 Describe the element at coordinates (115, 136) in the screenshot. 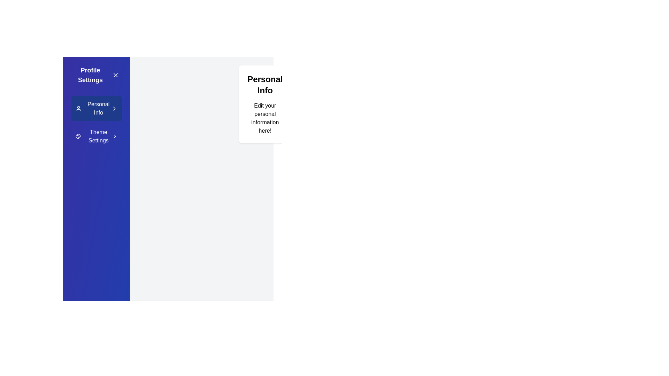

I see `the arrow icon located on the far right side of the 'Theme Settings' row under the 'Profile Settings' panel` at that location.